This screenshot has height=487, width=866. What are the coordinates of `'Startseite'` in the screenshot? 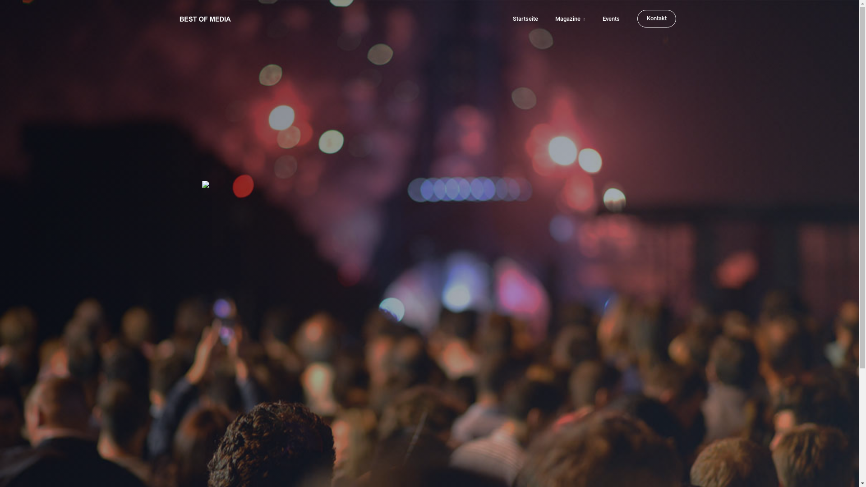 It's located at (525, 19).